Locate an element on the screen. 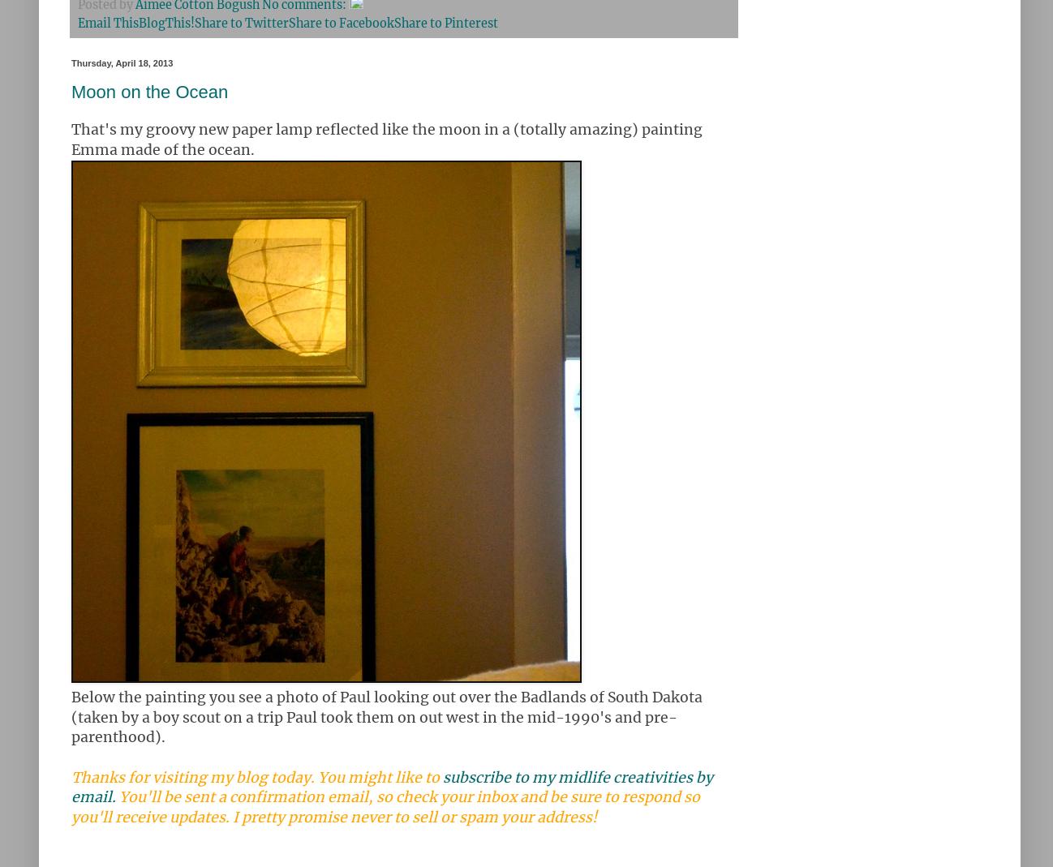  'Thanks for visiting my blog today.  You might like to' is located at coordinates (256, 776).